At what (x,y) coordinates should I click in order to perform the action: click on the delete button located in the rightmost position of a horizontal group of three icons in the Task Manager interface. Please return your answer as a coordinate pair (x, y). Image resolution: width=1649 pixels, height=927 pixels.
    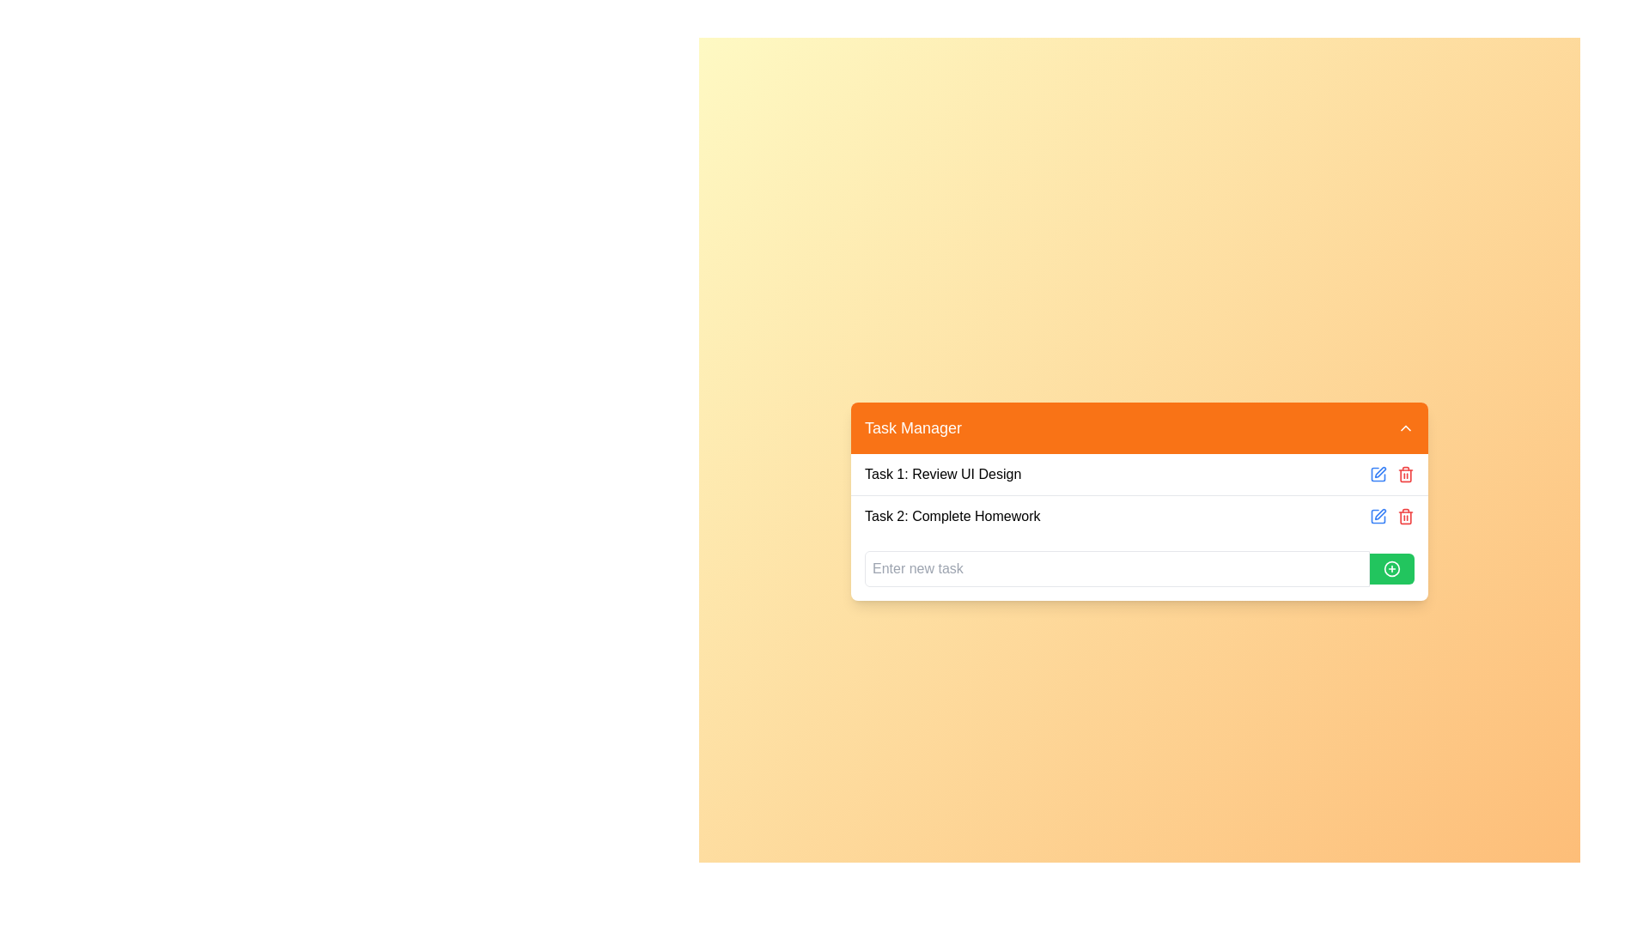
    Looking at the image, I should click on (1405, 474).